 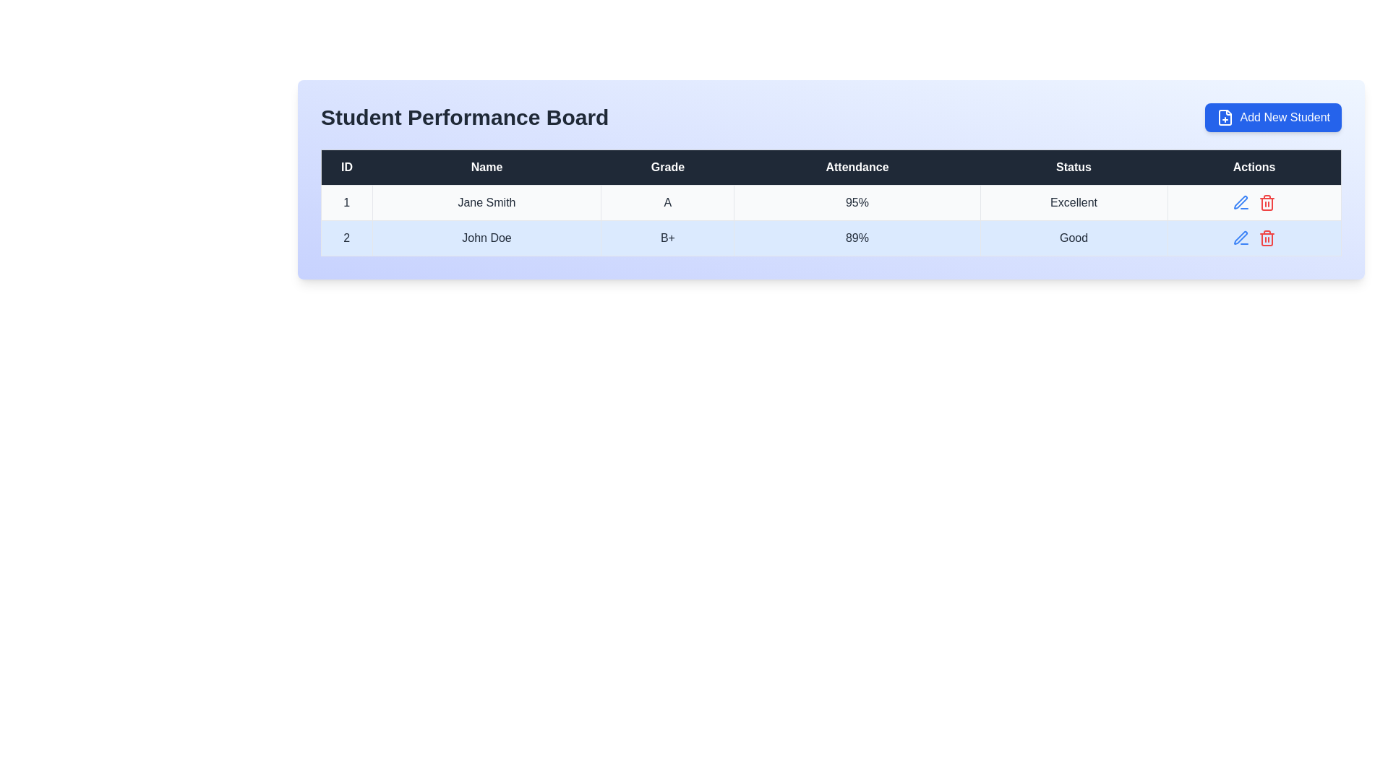 I want to click on the text label displaying '89%' in bold format within the light blue cell in the Attendance column, located in the fourth column of the second row of the table, so click(x=857, y=238).